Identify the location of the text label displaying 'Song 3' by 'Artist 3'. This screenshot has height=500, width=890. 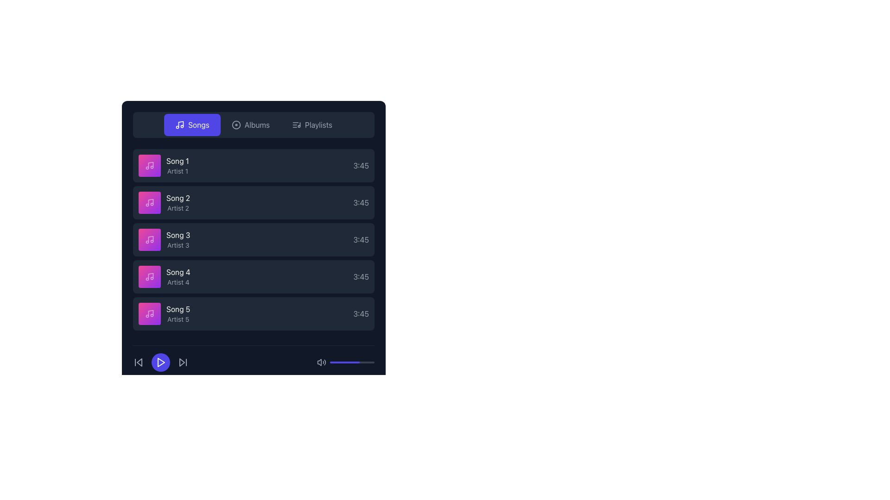
(178, 239).